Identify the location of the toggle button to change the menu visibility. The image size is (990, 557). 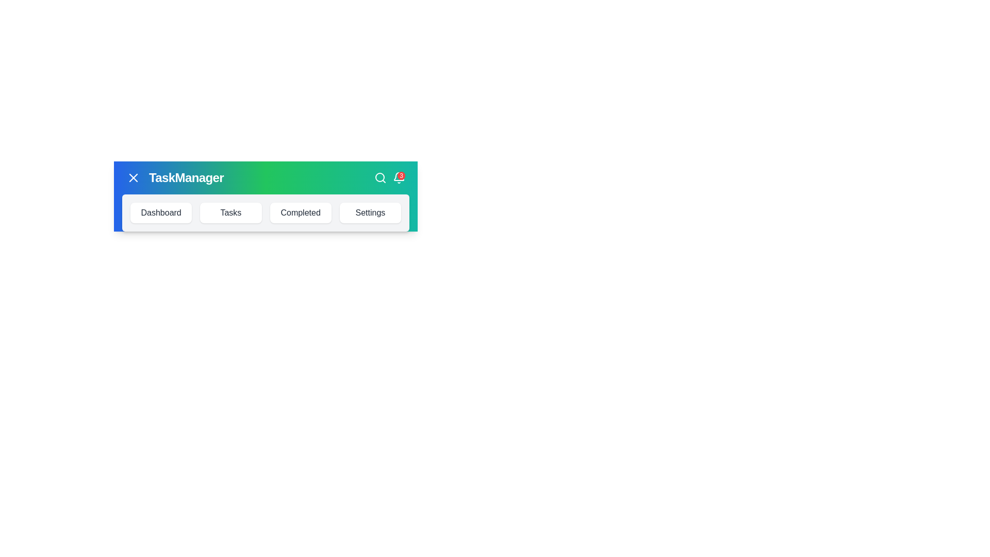
(133, 177).